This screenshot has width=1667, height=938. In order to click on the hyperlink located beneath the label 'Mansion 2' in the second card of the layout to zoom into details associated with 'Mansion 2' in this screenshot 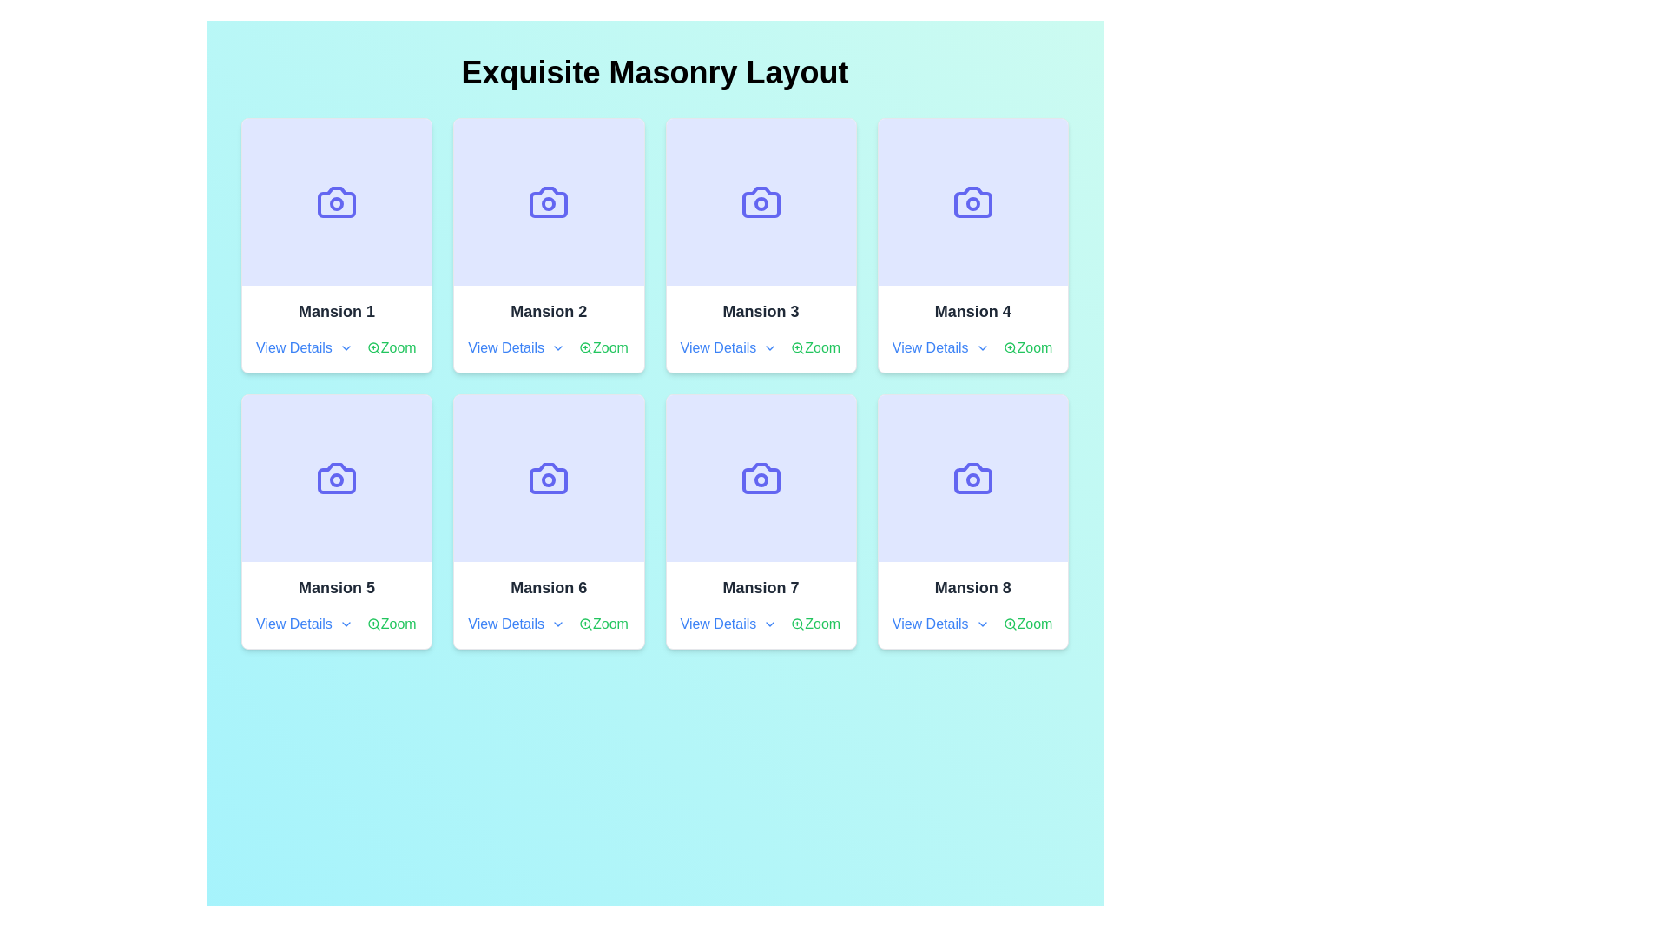, I will do `click(603, 348)`.